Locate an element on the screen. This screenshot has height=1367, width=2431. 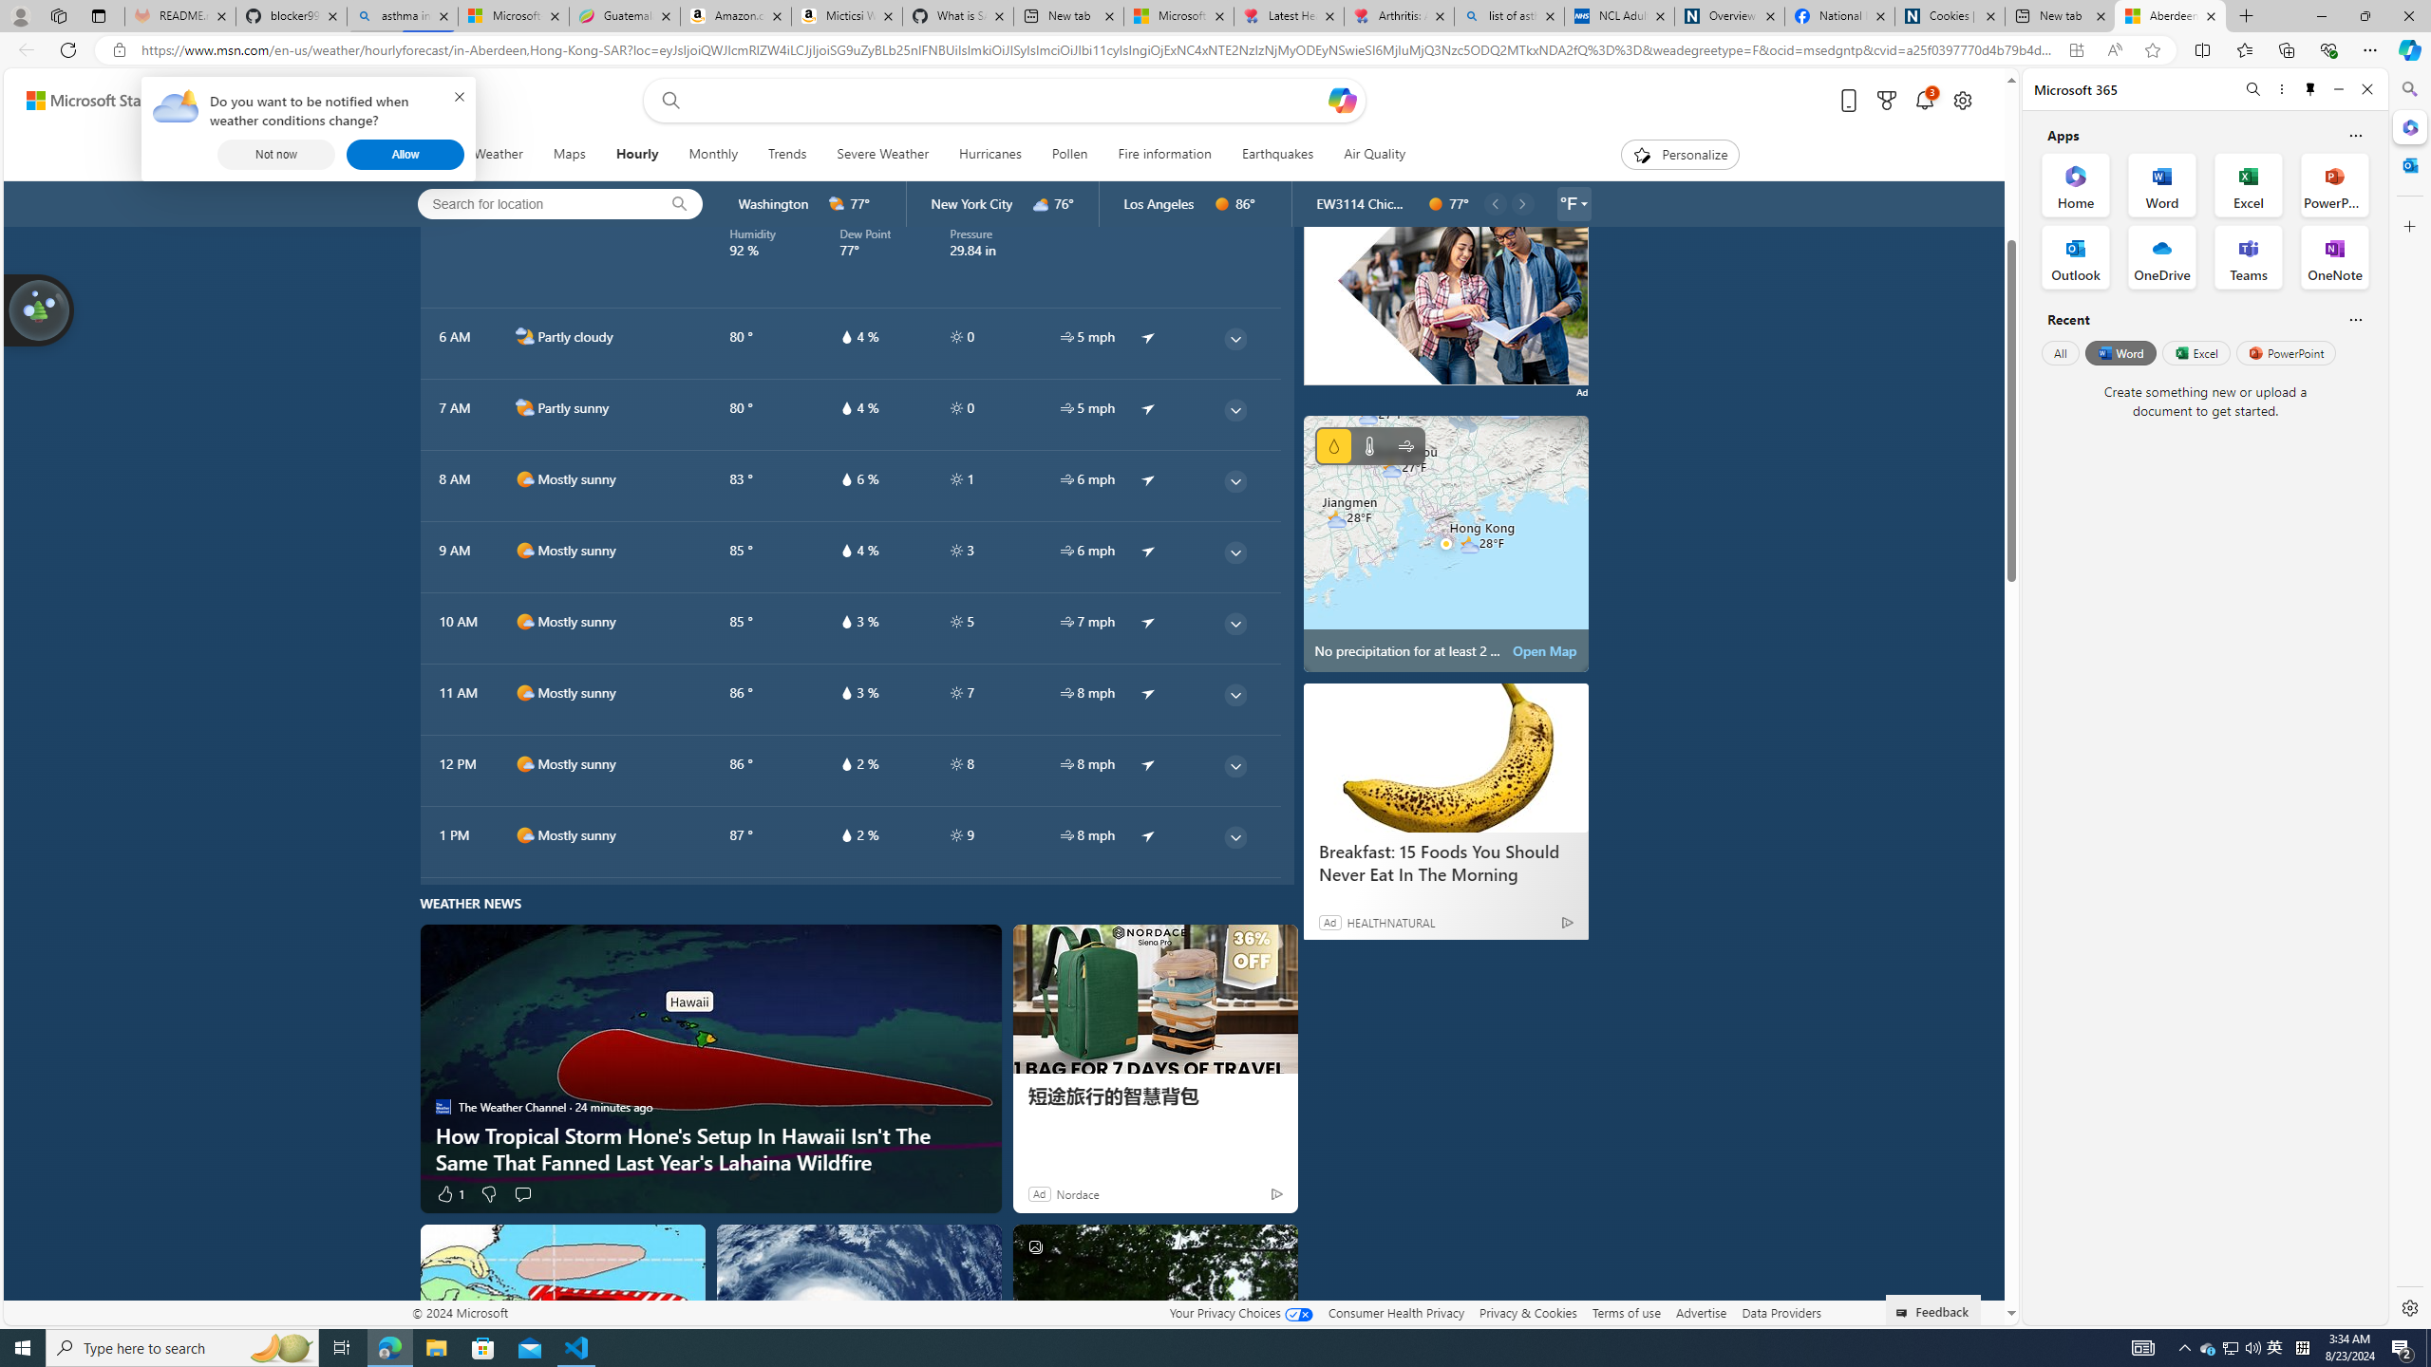
'The Weather Channel' is located at coordinates (443, 1105).